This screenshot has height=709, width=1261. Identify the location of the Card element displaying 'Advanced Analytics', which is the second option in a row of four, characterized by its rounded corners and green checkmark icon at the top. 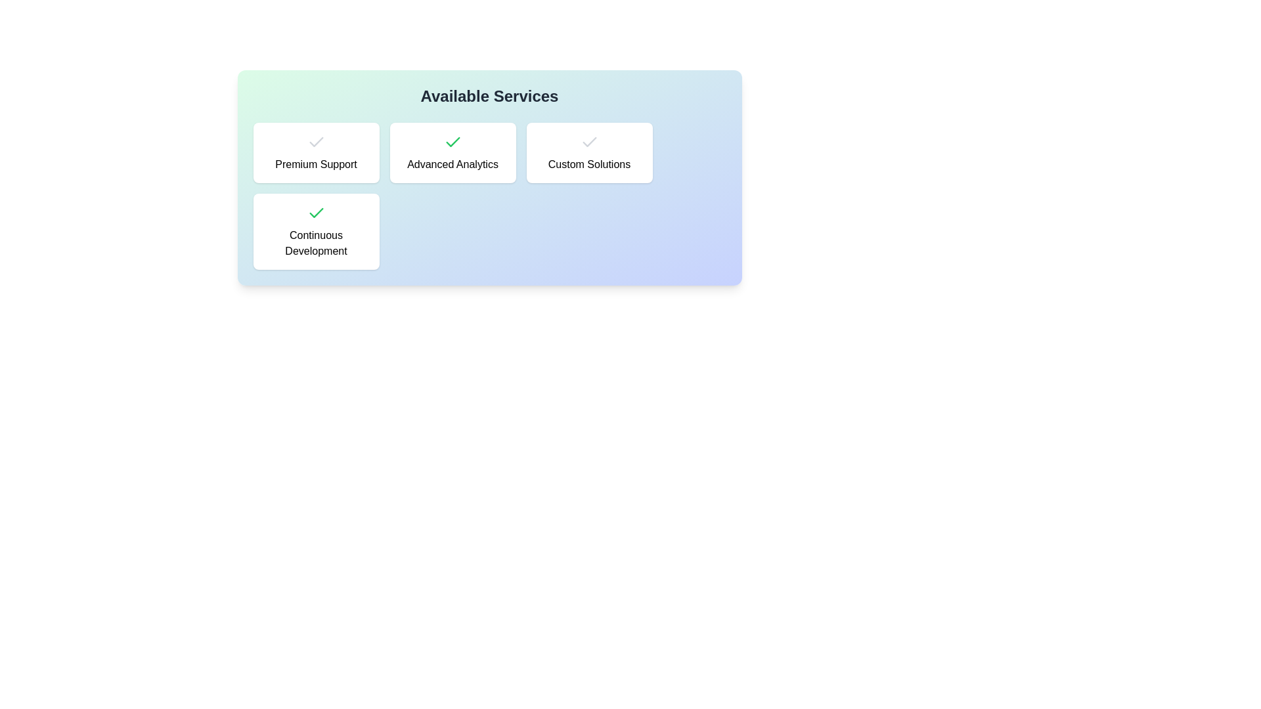
(453, 152).